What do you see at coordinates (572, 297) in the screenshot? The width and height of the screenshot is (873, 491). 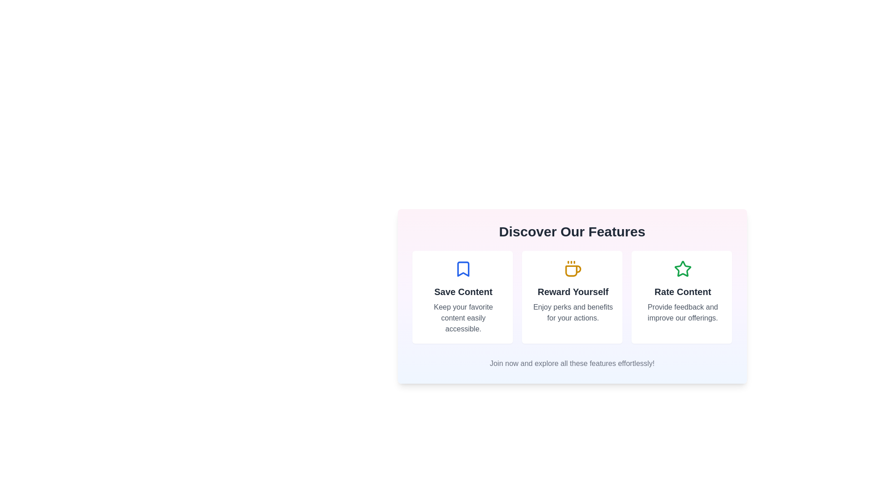 I see `the navigational Card link located in the center of the three-column layout, specifically the second card from the left` at bounding box center [572, 297].